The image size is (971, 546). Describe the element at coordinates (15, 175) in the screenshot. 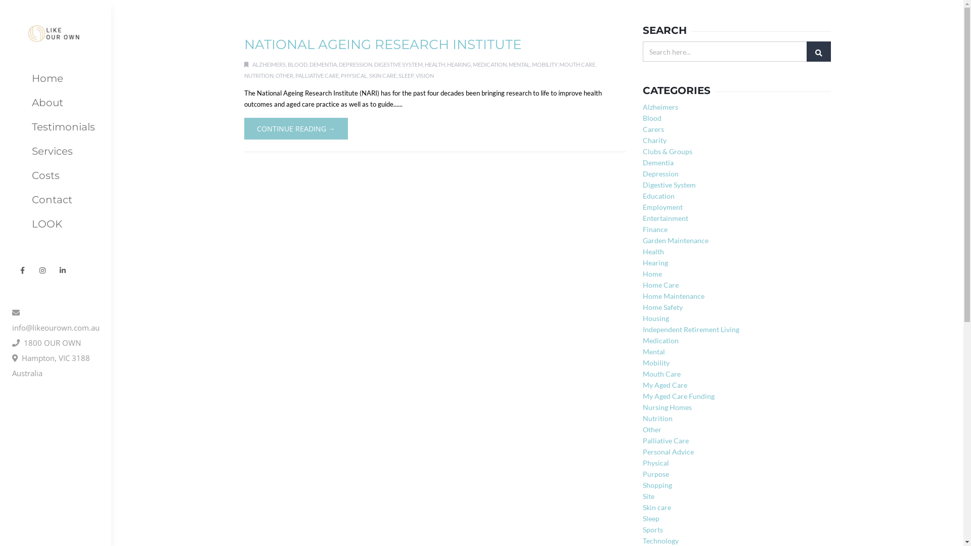

I see `'Costs'` at that location.